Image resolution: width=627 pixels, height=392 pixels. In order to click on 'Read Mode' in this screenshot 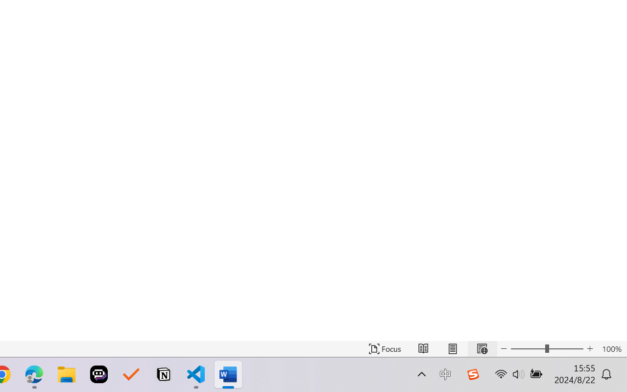, I will do `click(423, 348)`.